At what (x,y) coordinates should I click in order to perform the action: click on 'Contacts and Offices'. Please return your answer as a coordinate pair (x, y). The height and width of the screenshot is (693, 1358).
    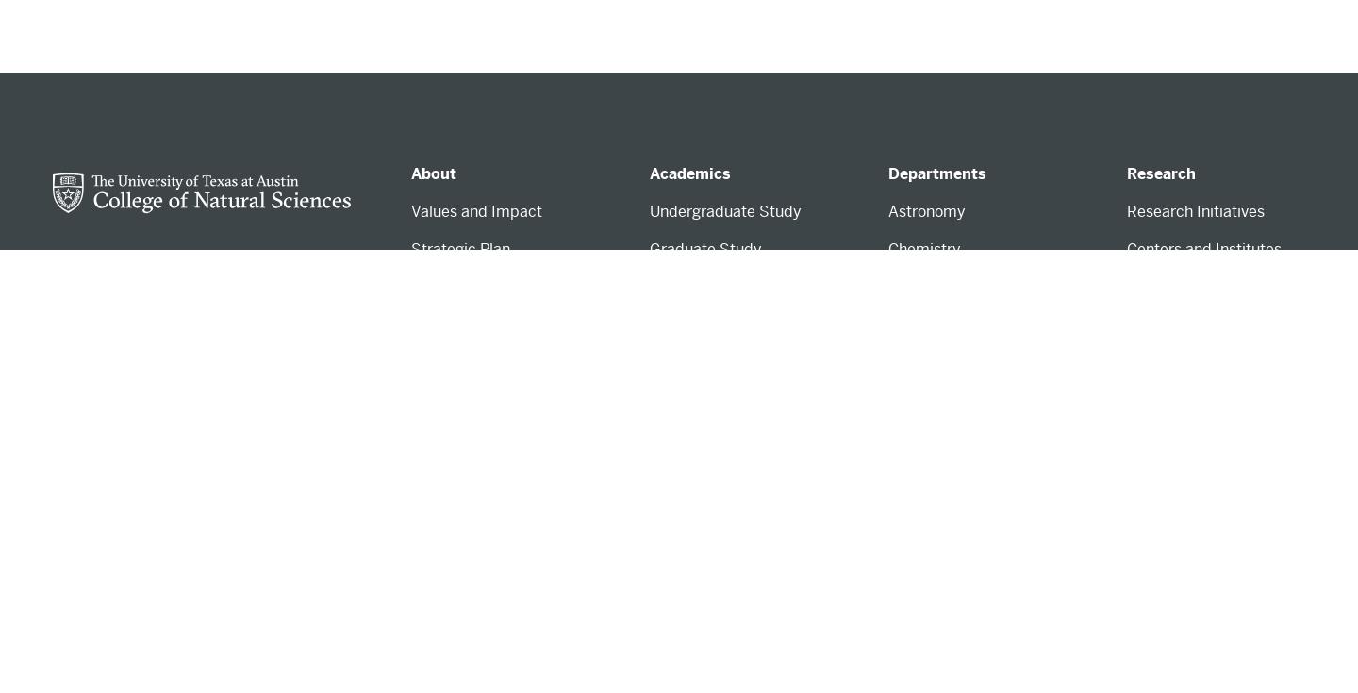
    Looking at the image, I should click on (483, 460).